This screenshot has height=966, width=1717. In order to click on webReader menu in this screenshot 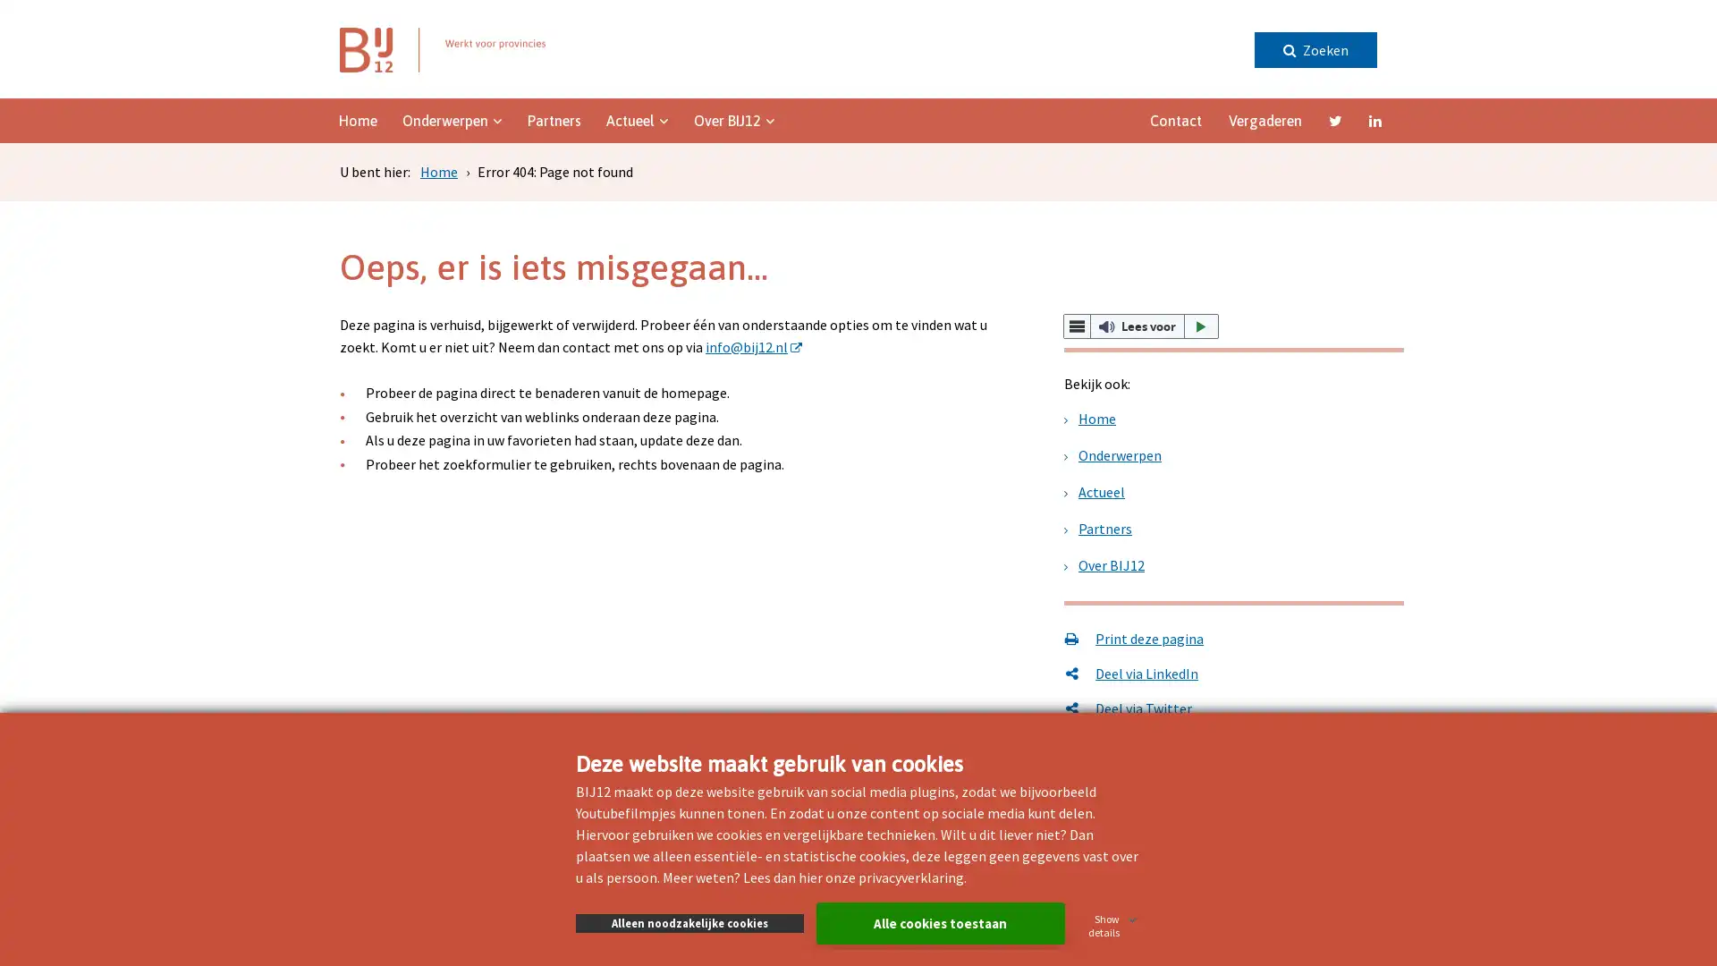, I will do `click(1076, 326)`.